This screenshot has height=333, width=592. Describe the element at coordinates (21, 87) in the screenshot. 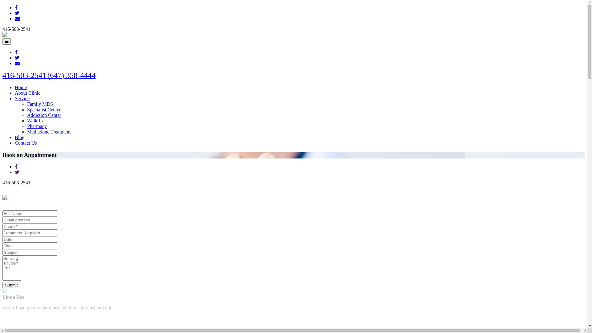

I see `'Home'` at that location.